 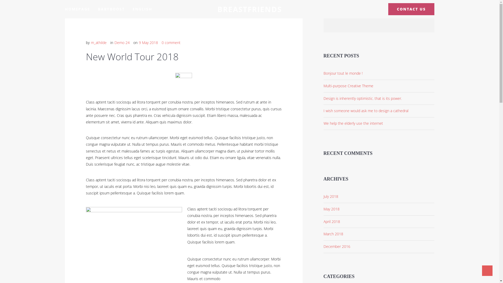 What do you see at coordinates (77, 9) in the screenshot?
I see `'HOMEPAGE'` at bounding box center [77, 9].